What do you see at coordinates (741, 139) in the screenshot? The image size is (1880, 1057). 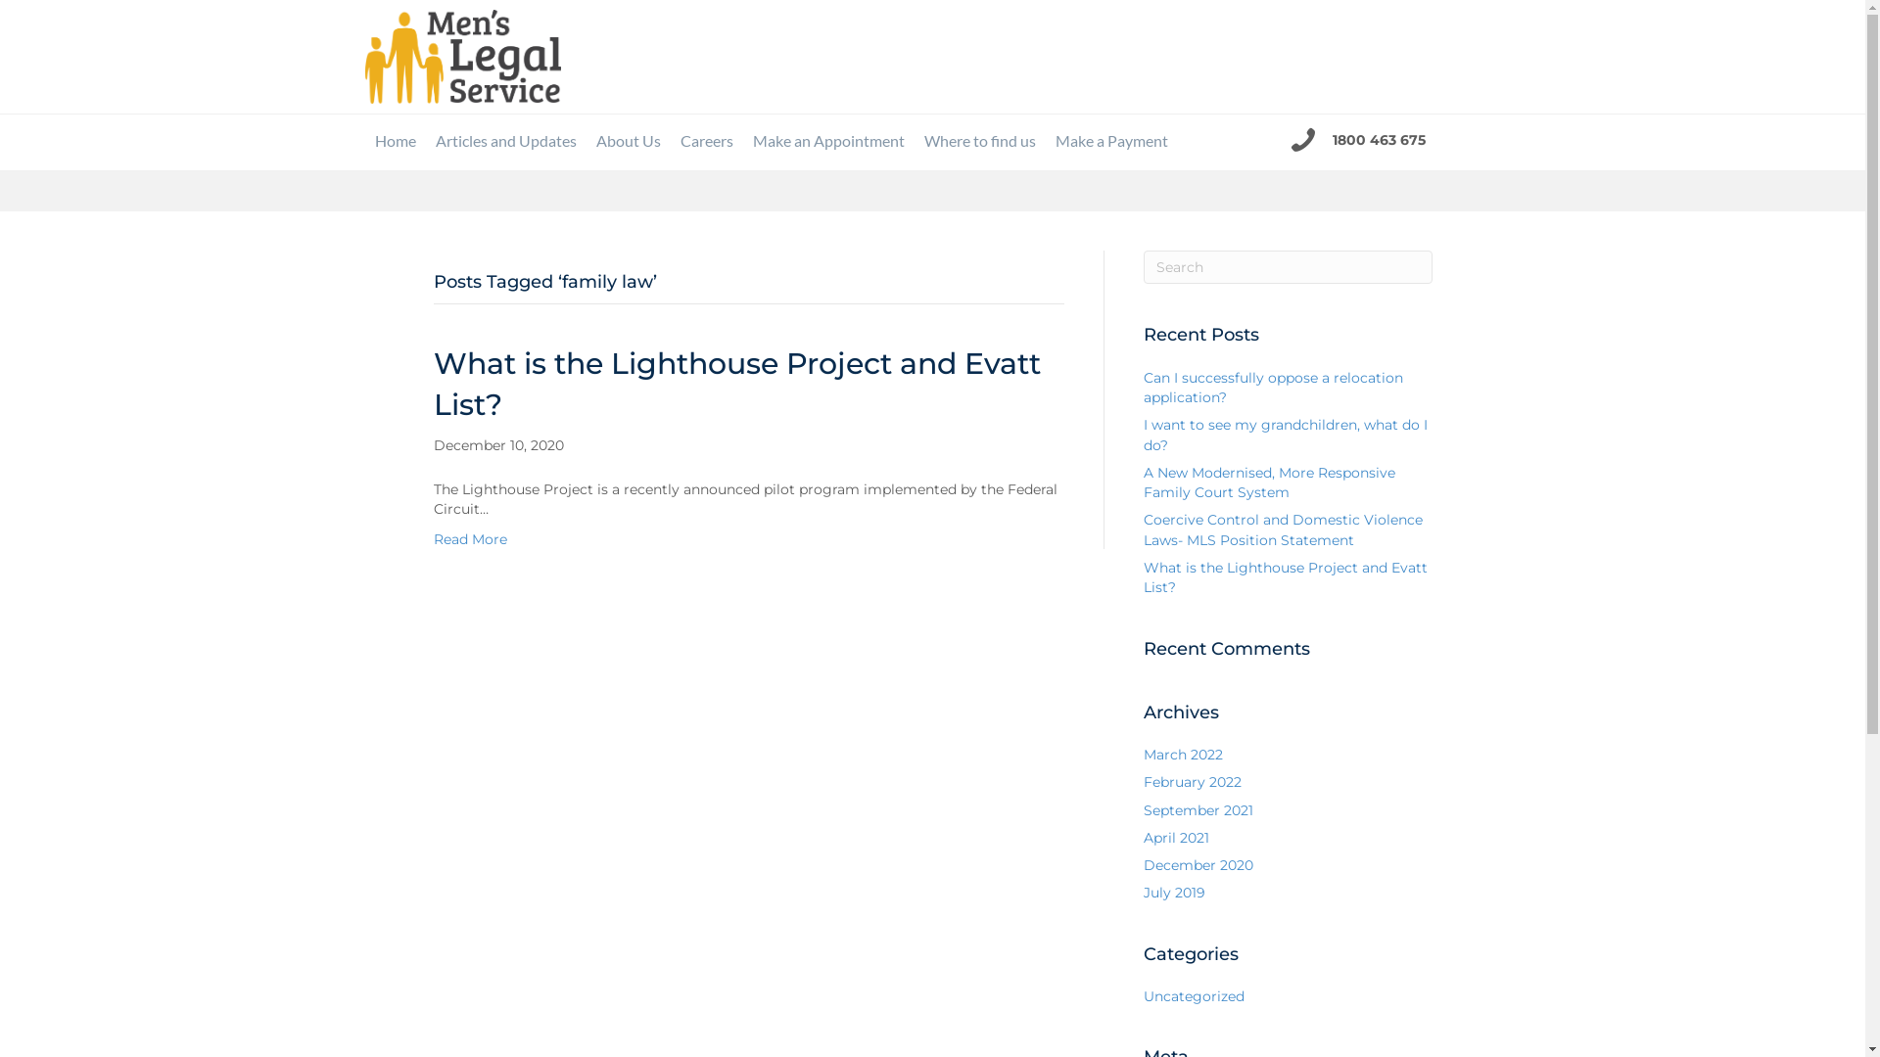 I see `'Make an Appointment'` at bounding box center [741, 139].